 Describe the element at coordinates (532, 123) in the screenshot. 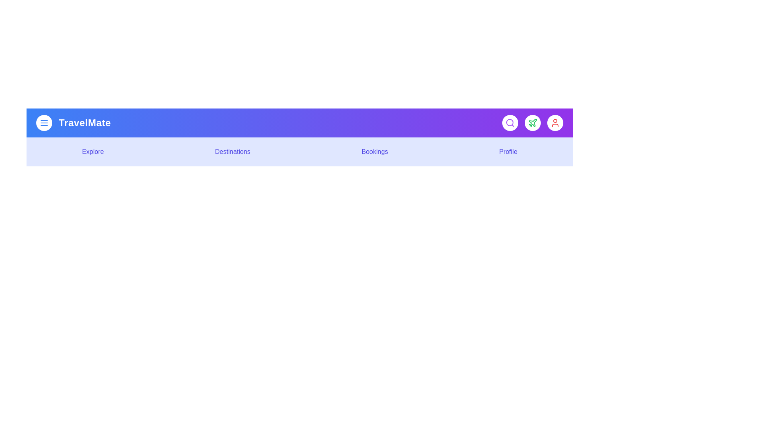

I see `the interactive element Plane Button to observe visual feedback` at that location.